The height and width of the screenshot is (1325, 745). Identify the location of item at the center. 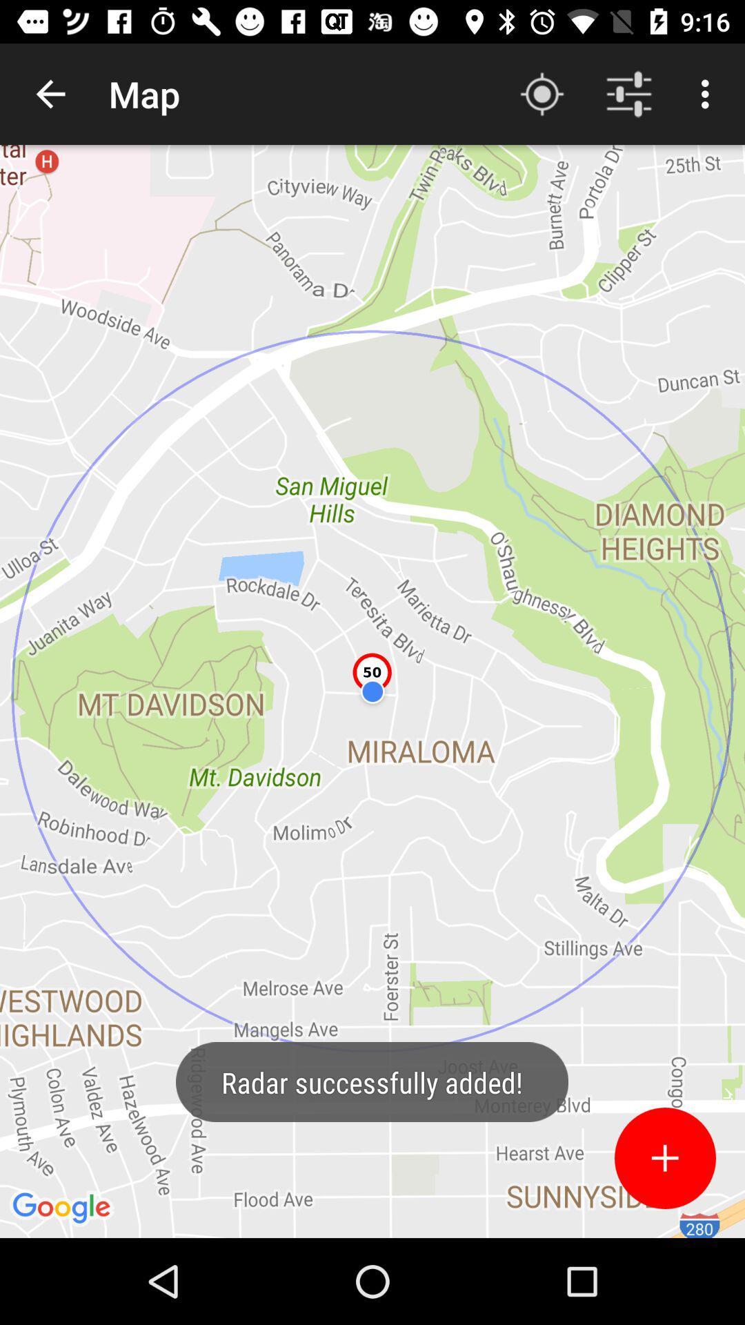
(372, 691).